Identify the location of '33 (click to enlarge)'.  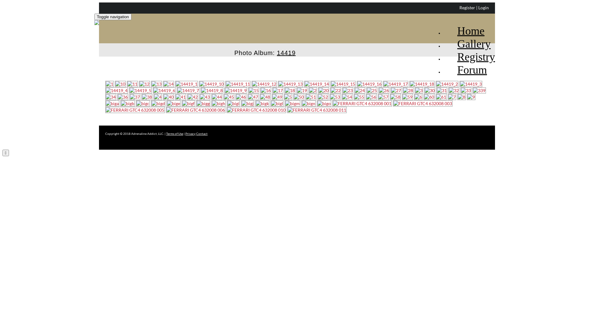
(466, 90).